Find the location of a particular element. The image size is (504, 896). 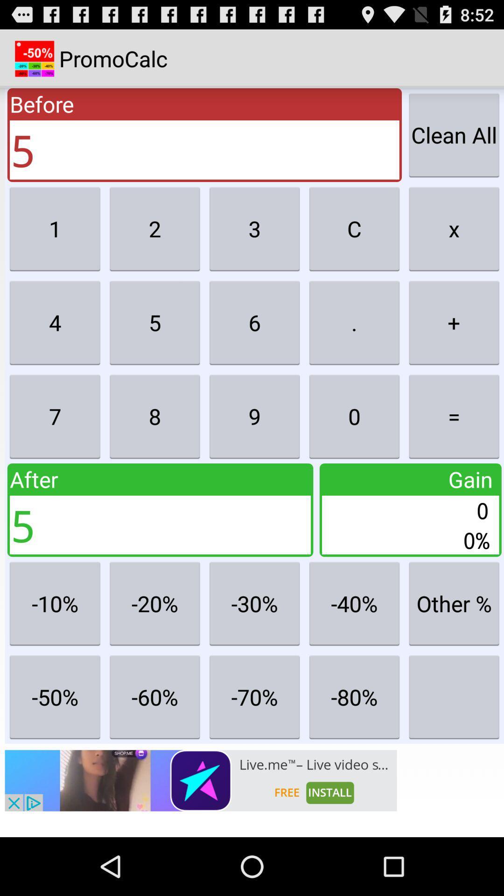

the multiply button is located at coordinates (453, 229).